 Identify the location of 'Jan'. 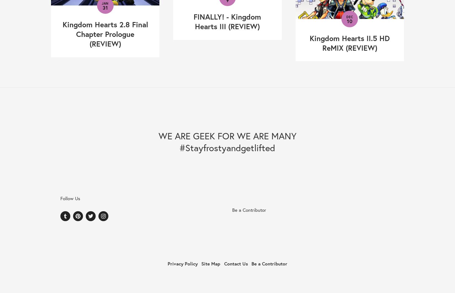
(105, 3).